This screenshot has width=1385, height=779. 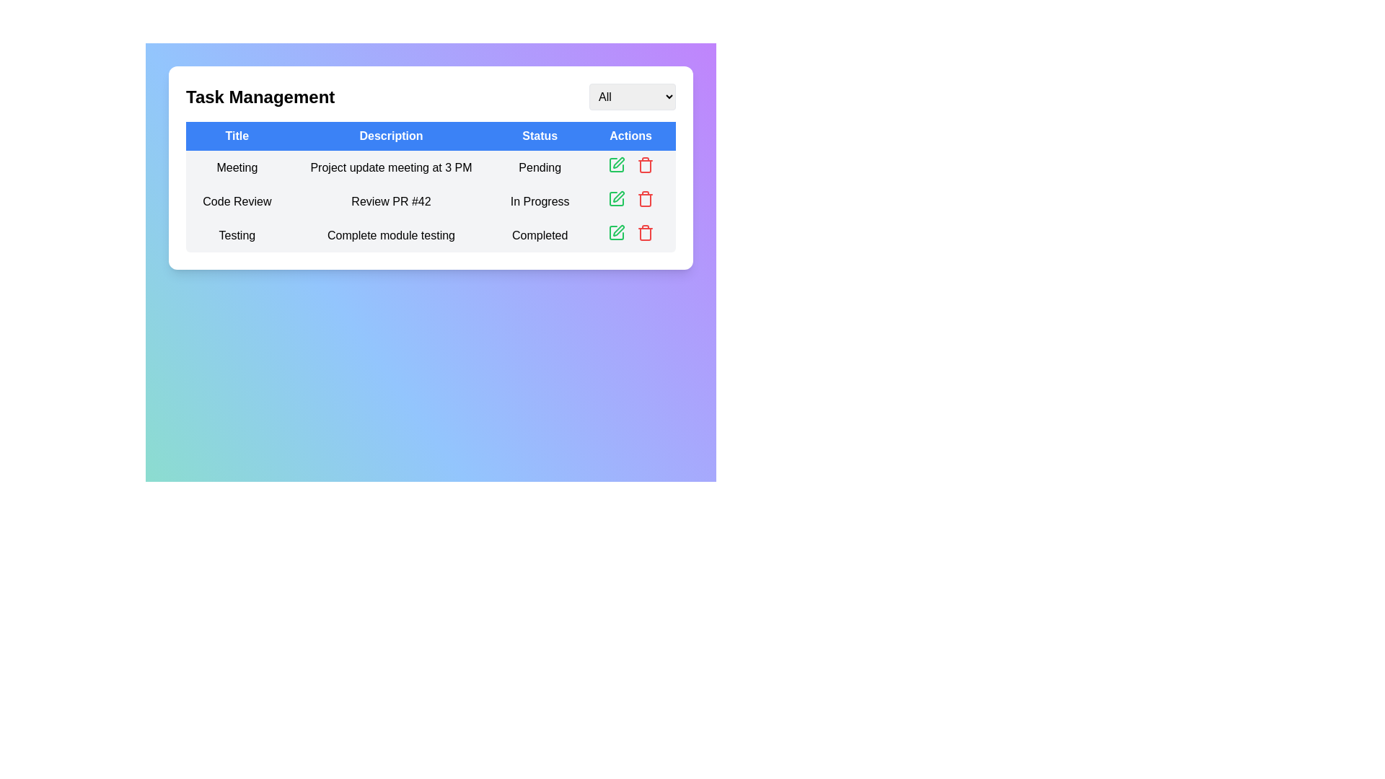 What do you see at coordinates (644, 164) in the screenshot?
I see `the delete icon in the Actions column of the table, which is the second icon in the last row` at bounding box center [644, 164].